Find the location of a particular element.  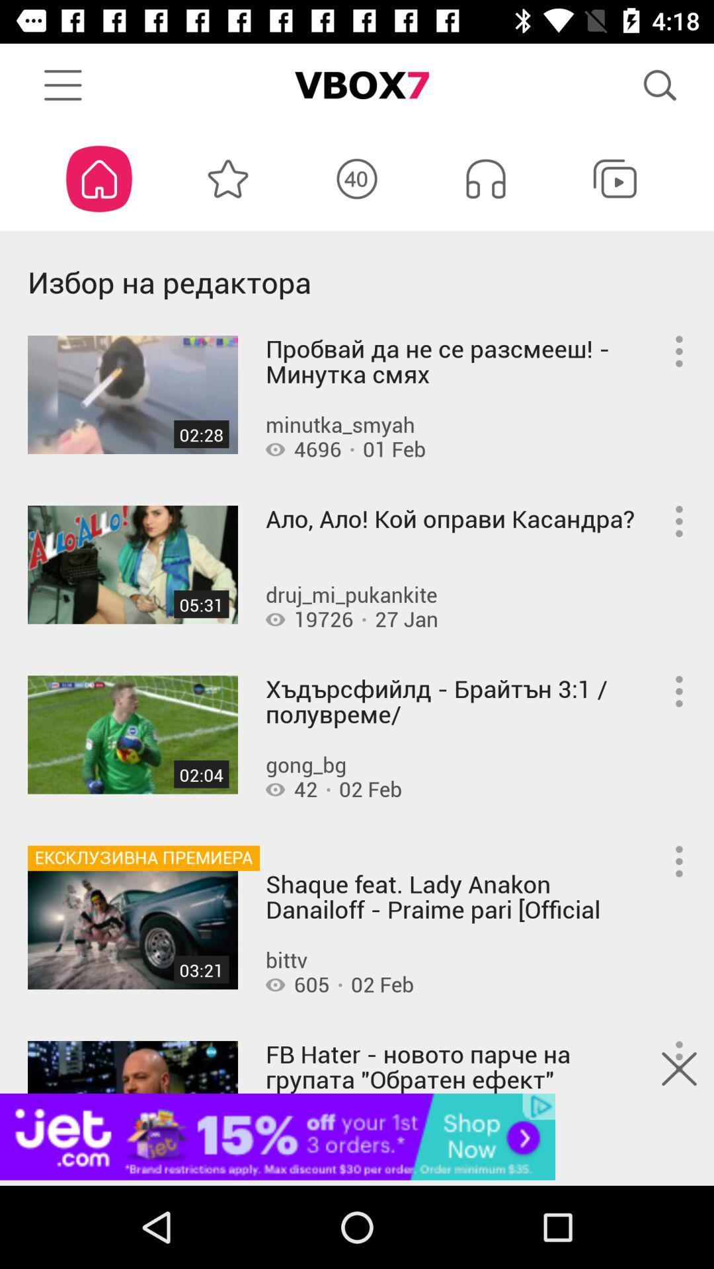

the close icon is located at coordinates (679, 1069).